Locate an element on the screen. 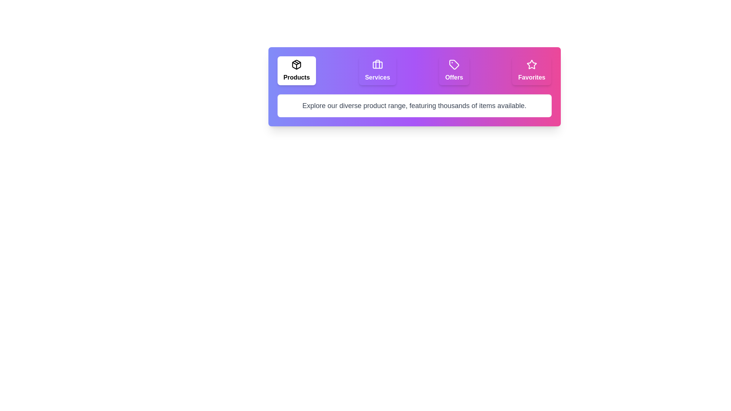 This screenshot has height=411, width=731. the Products tab is located at coordinates (296, 70).